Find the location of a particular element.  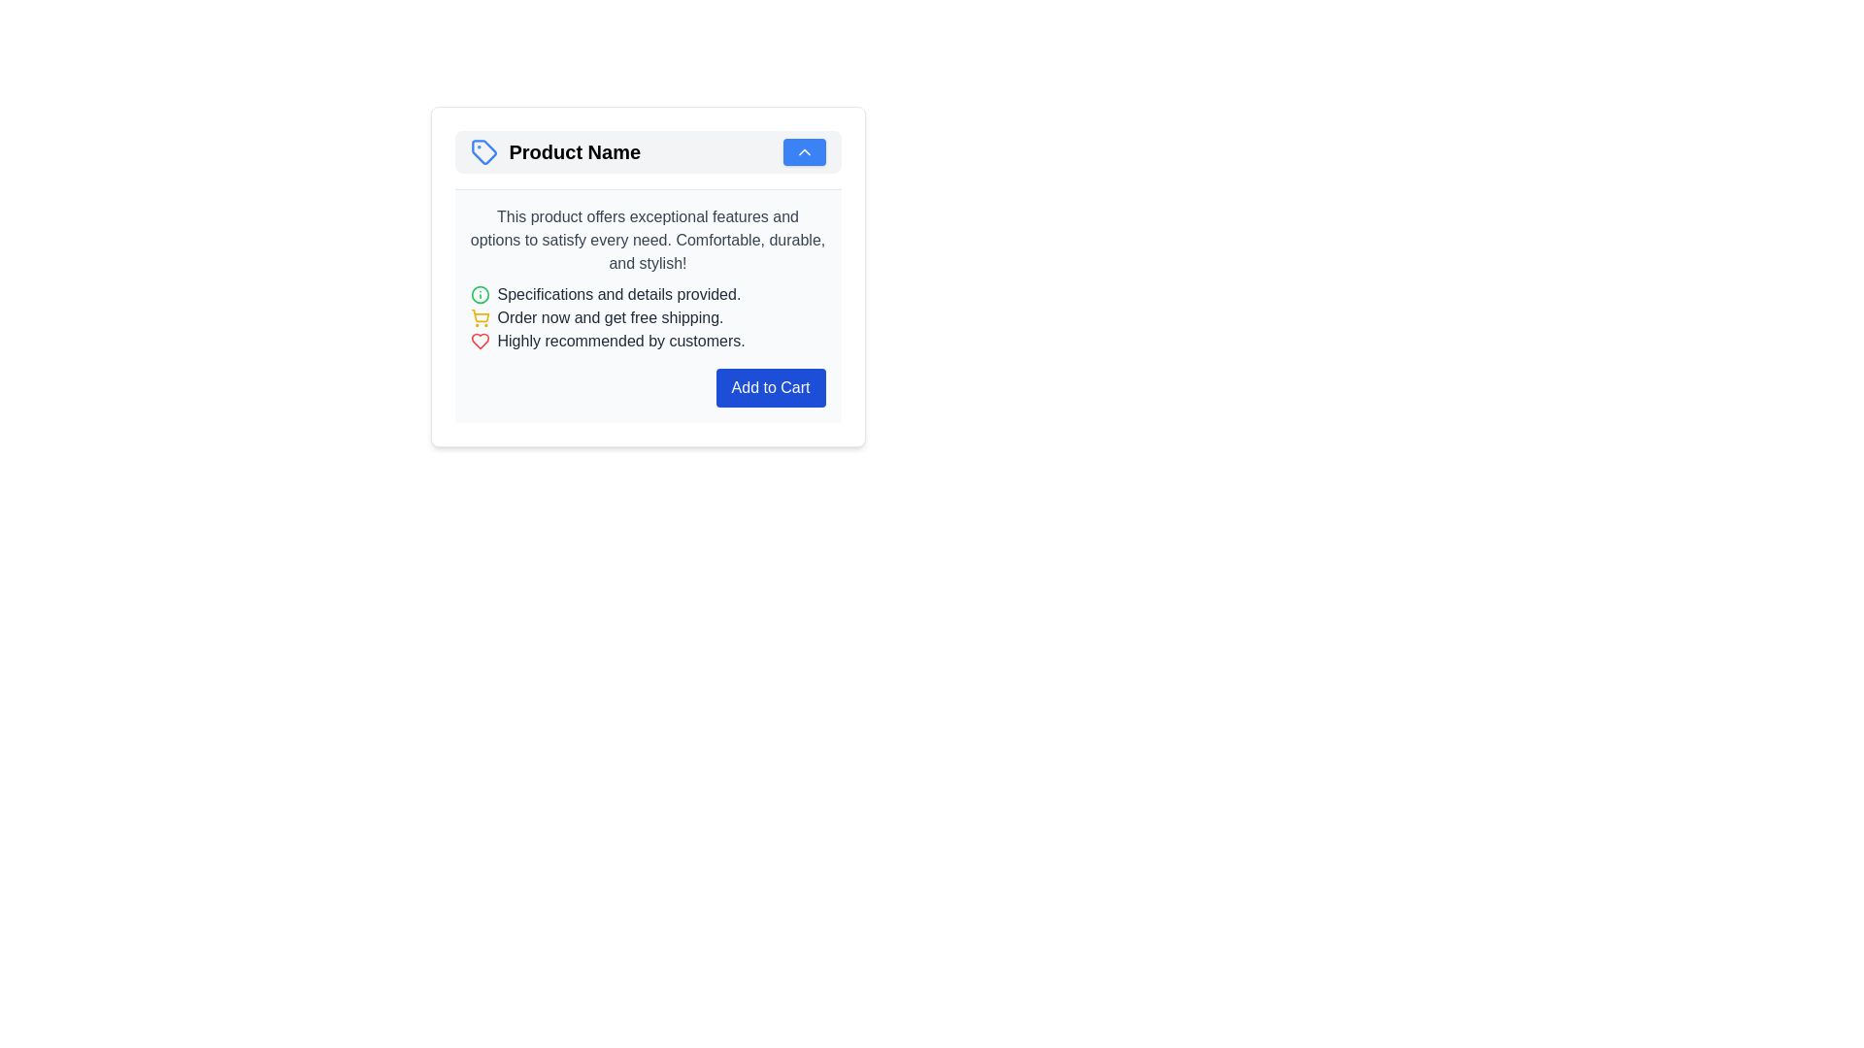

the circular icon with a green border and teal inner fill displaying an 'i' symbol, located before the text 'Specifications and details provided.' is located at coordinates (480, 295).